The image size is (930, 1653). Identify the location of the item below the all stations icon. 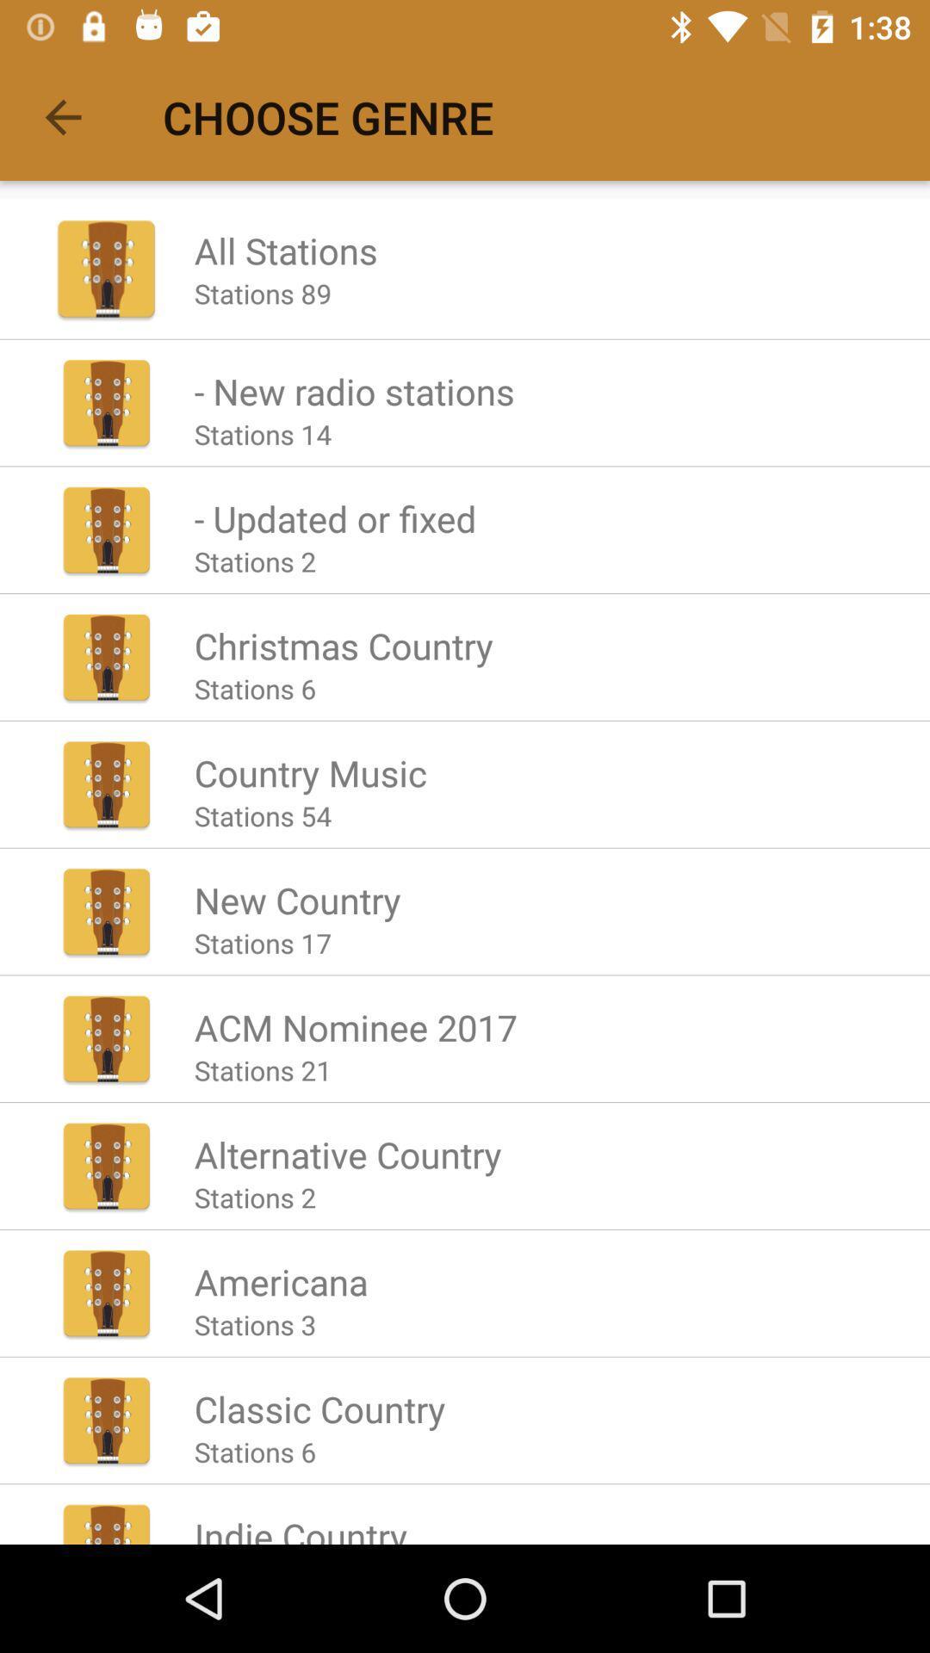
(263, 293).